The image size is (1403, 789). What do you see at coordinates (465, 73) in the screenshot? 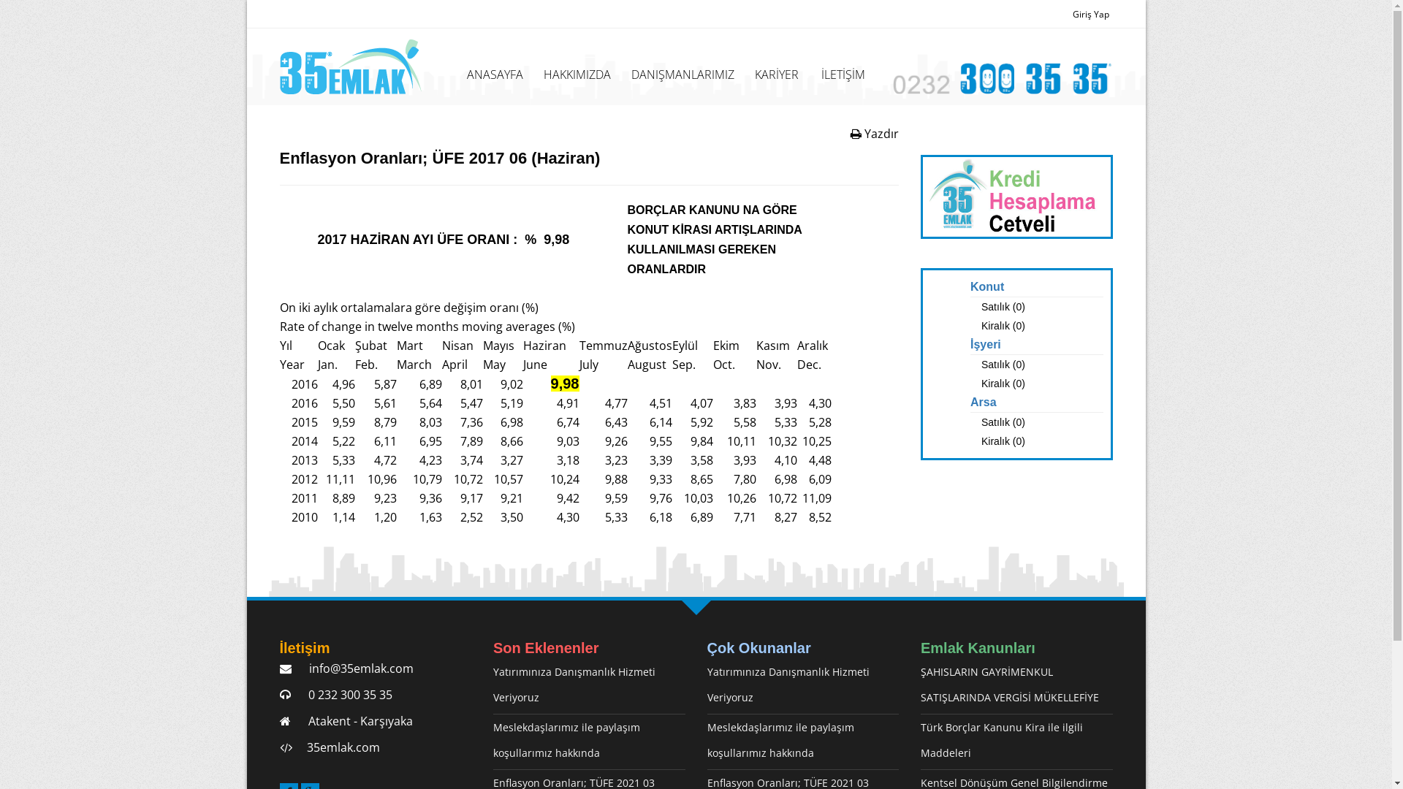
I see `'ANASAYFA'` at bounding box center [465, 73].